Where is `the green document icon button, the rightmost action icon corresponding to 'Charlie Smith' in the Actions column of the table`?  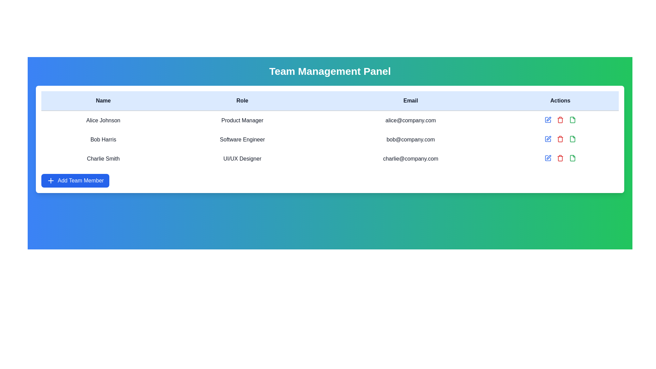
the green document icon button, the rightmost action icon corresponding to 'Charlie Smith' in the Actions column of the table is located at coordinates (572, 158).